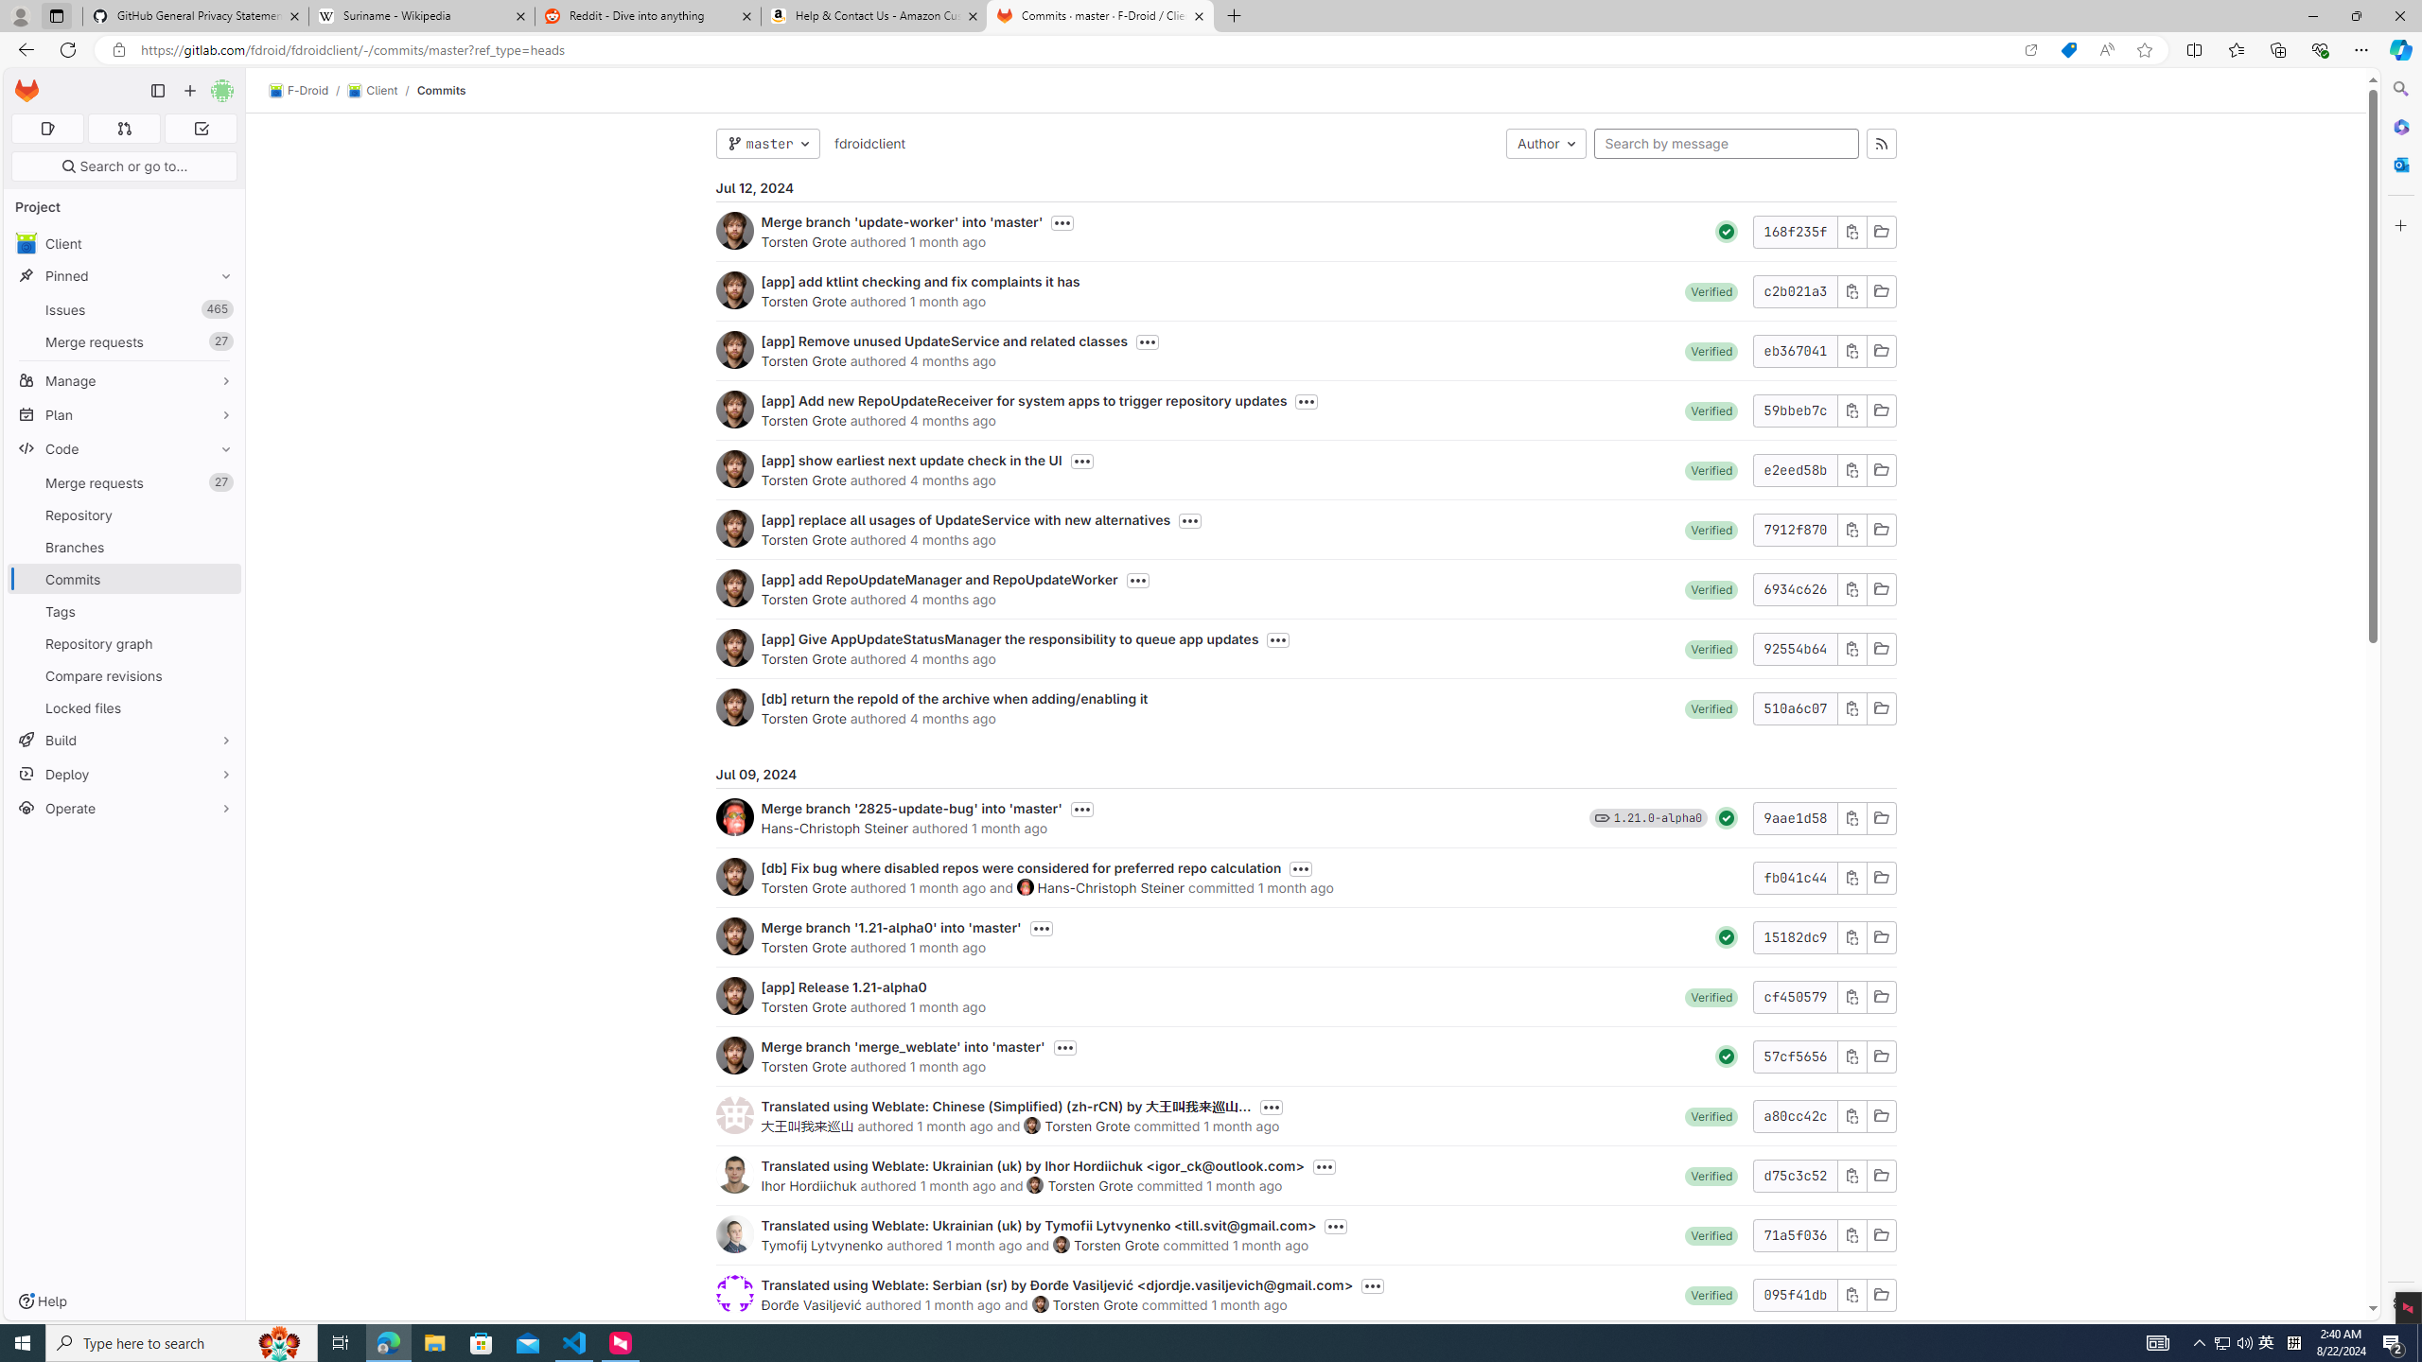  Describe the element at coordinates (123, 308) in the screenshot. I see `'Issues465'` at that location.